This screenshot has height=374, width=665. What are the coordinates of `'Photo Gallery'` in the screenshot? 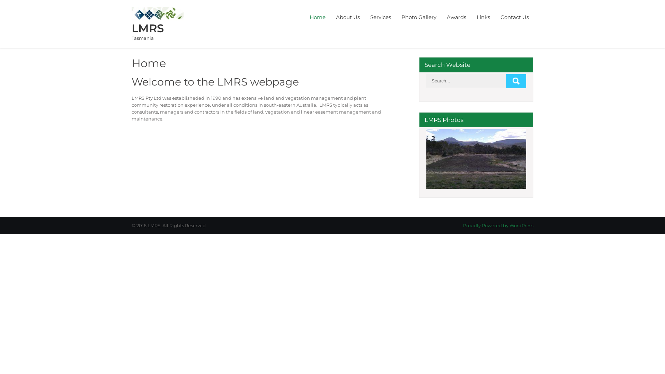 It's located at (418, 17).